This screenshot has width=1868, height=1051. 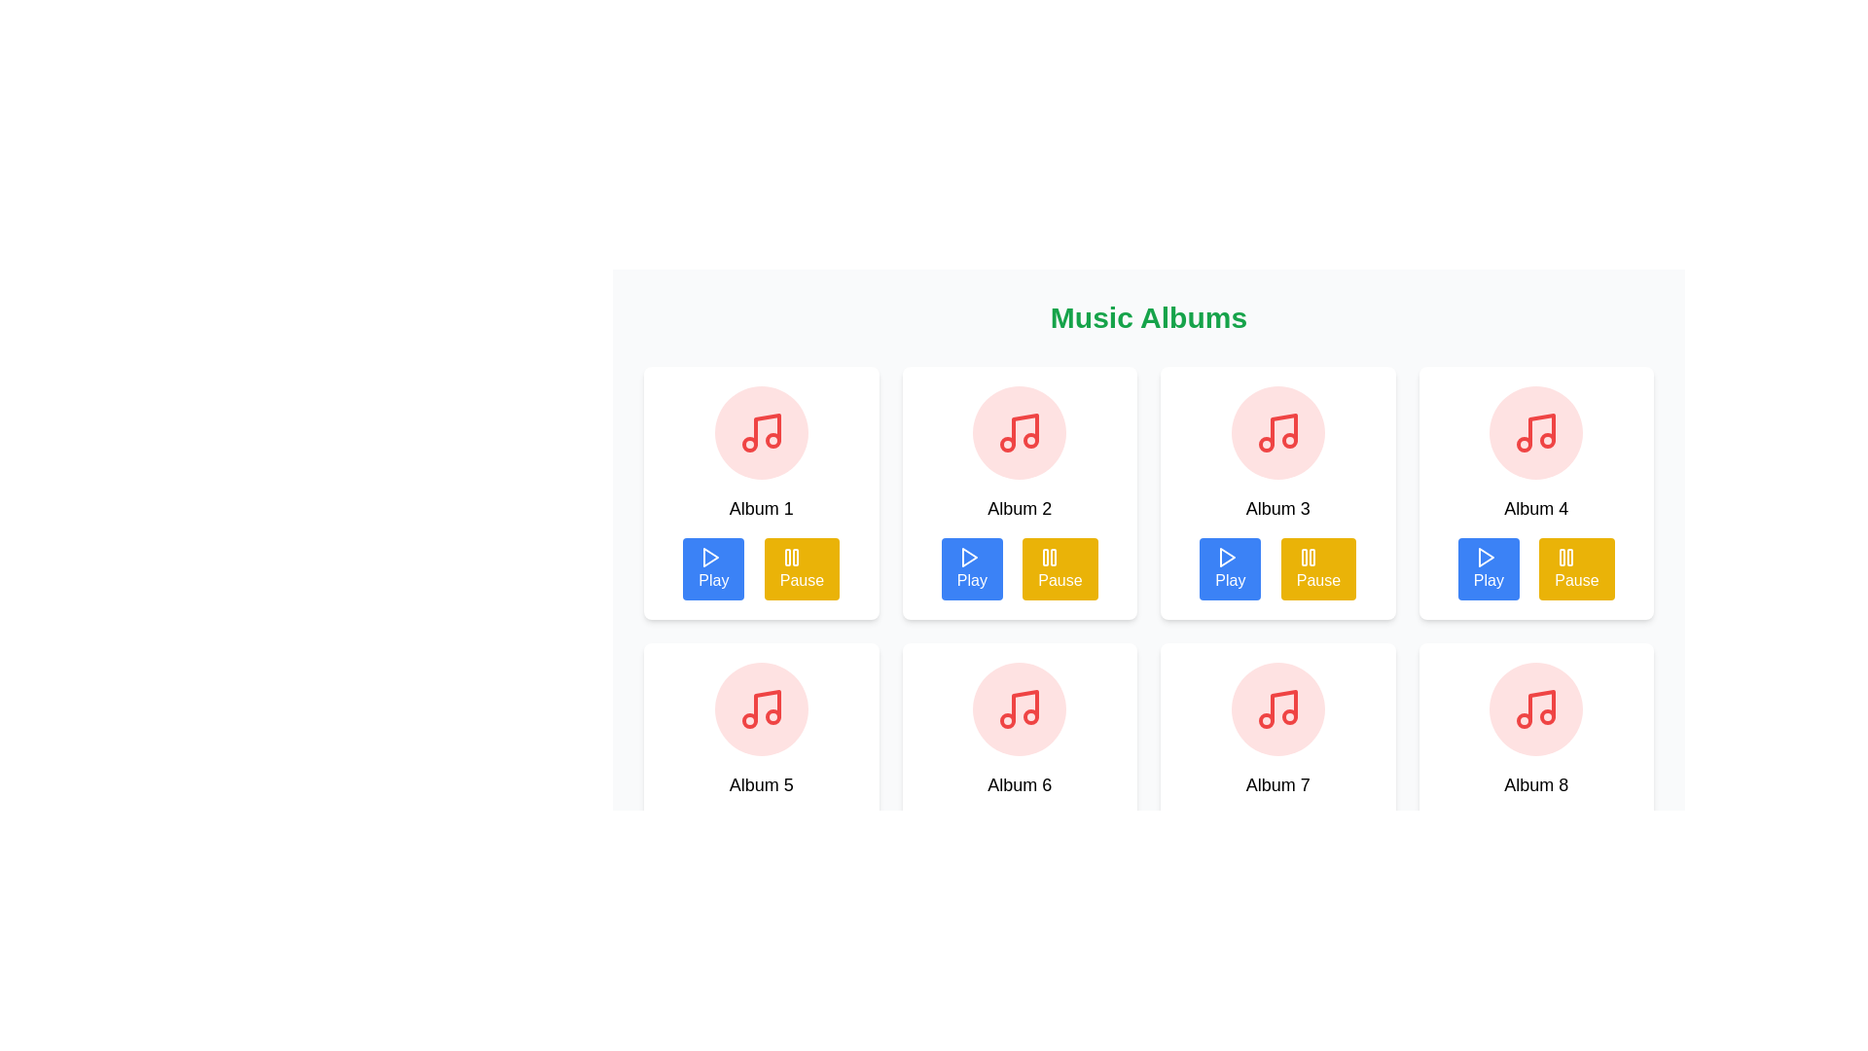 I want to click on the music-related icon representing the album 'Album 7', located centrally in the circular area at the top of the card in the second row, third column of the grid layout, so click(x=1277, y=709).